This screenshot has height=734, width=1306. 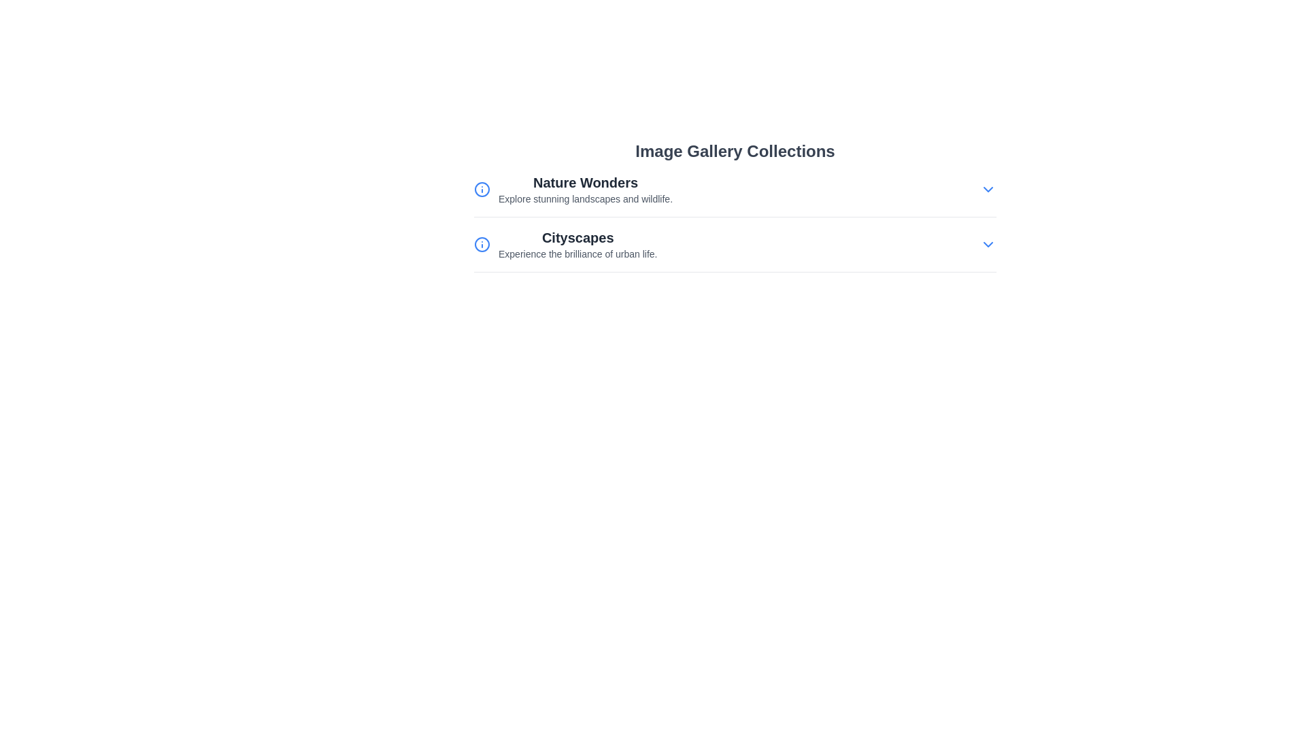 What do you see at coordinates (988, 189) in the screenshot?
I see `the blue downward-pointing chevron icon indicating a dropdown feature next to 'Nature Wonders'` at bounding box center [988, 189].